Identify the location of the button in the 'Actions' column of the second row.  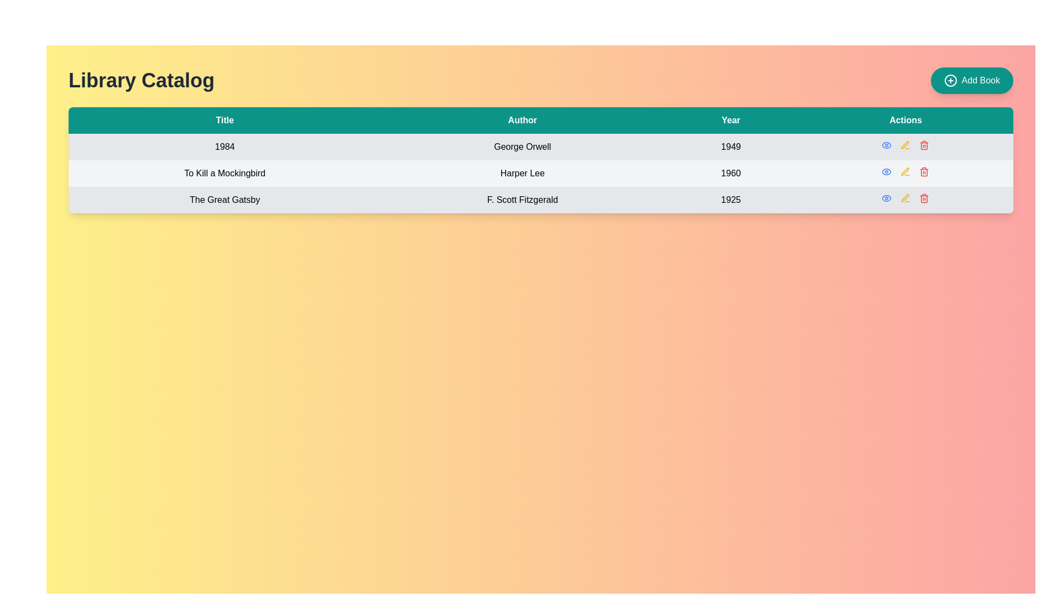
(887, 172).